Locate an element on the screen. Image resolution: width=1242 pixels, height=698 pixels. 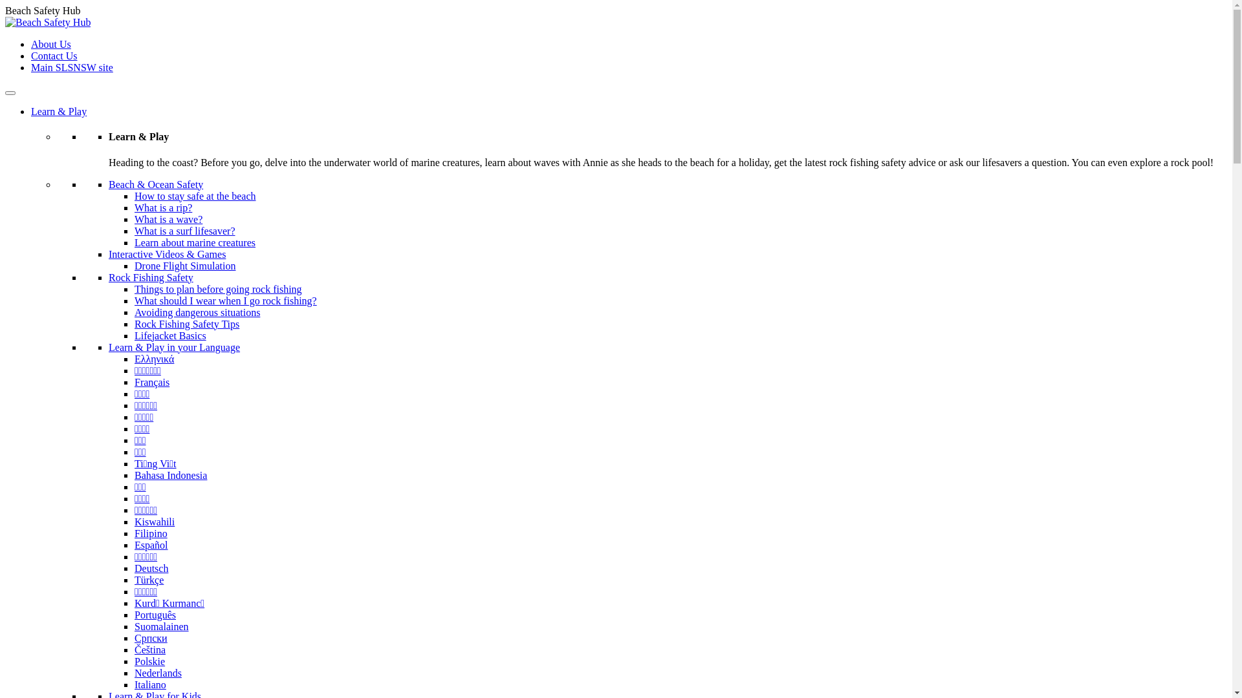
'Things to plan before going rock fishing' is located at coordinates (218, 288).